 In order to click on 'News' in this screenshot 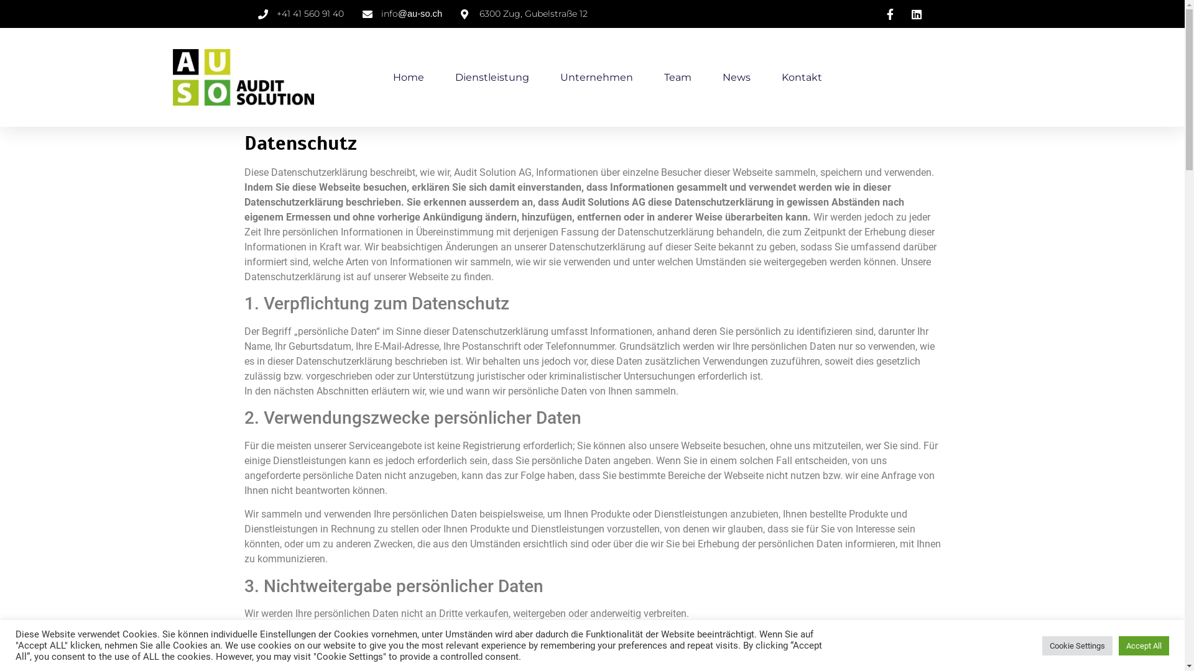, I will do `click(736, 77)`.